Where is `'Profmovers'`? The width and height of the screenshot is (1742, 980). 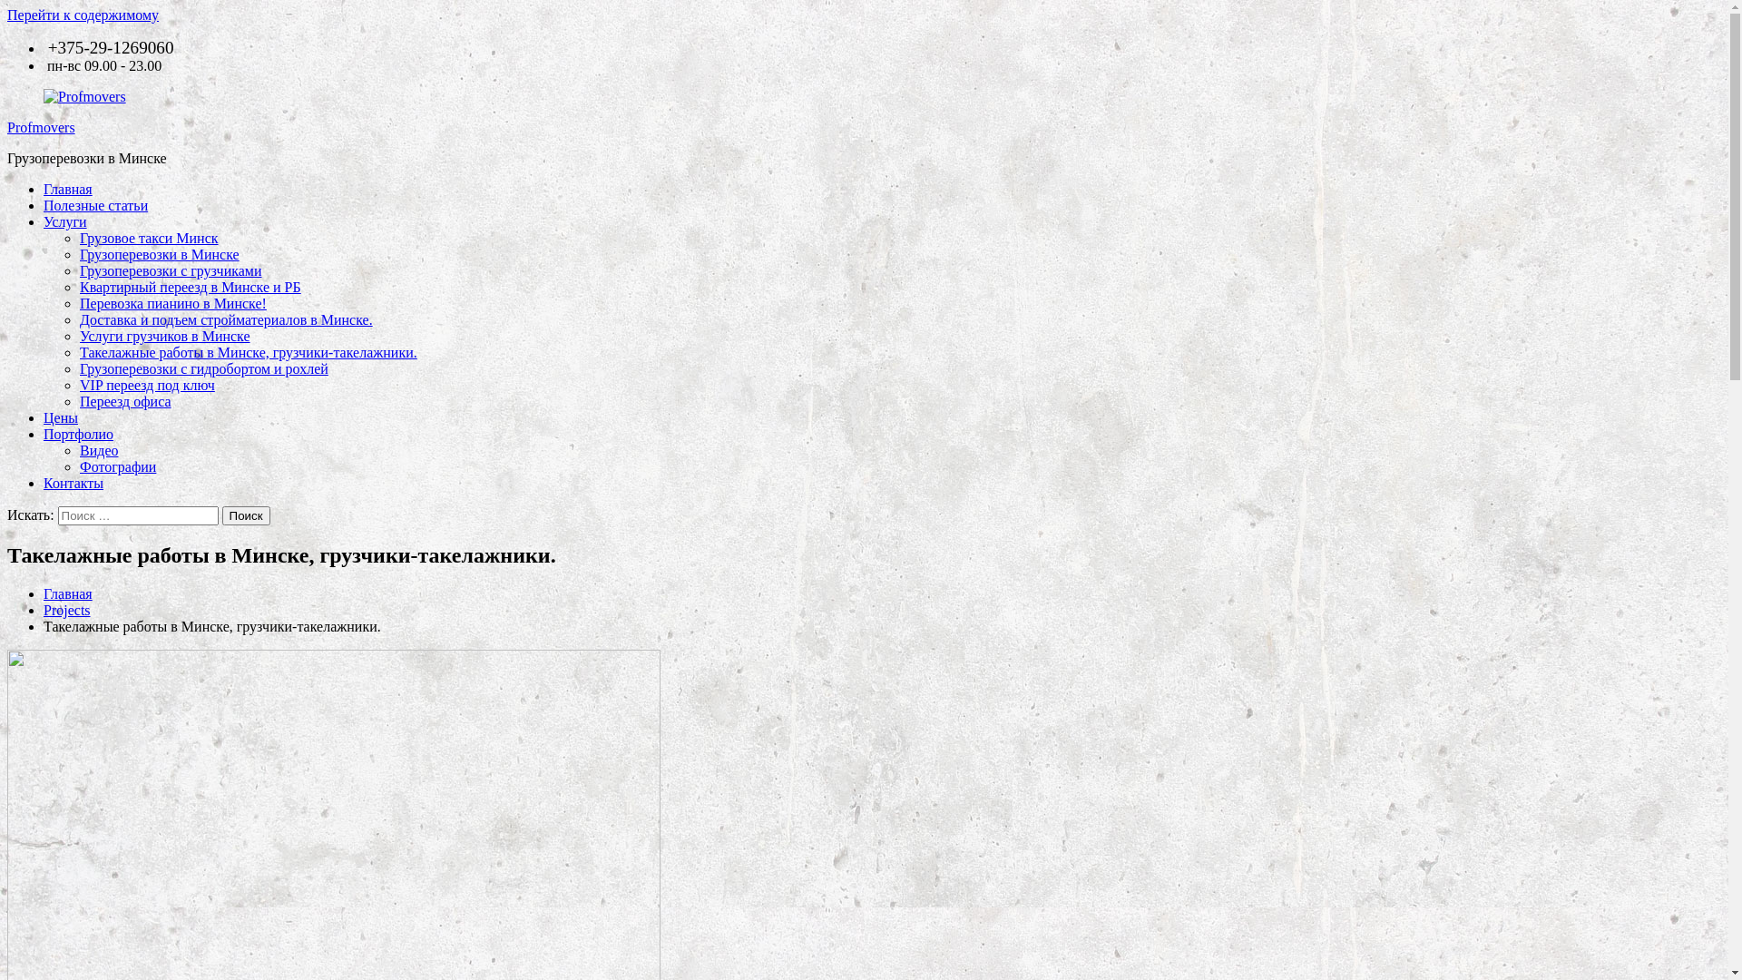
'Profmovers' is located at coordinates (41, 126).